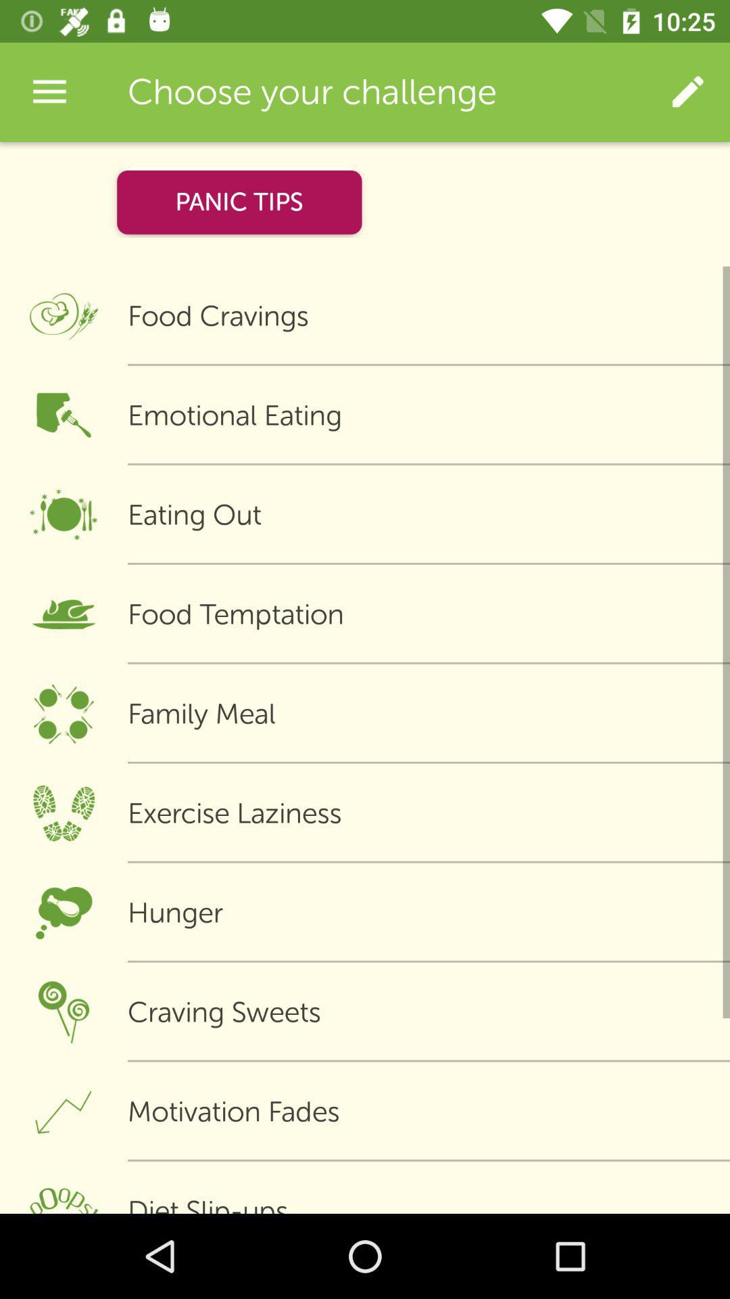 Image resolution: width=730 pixels, height=1299 pixels. I want to click on the icon on left to the button craving sweets on the web page, so click(64, 1012).